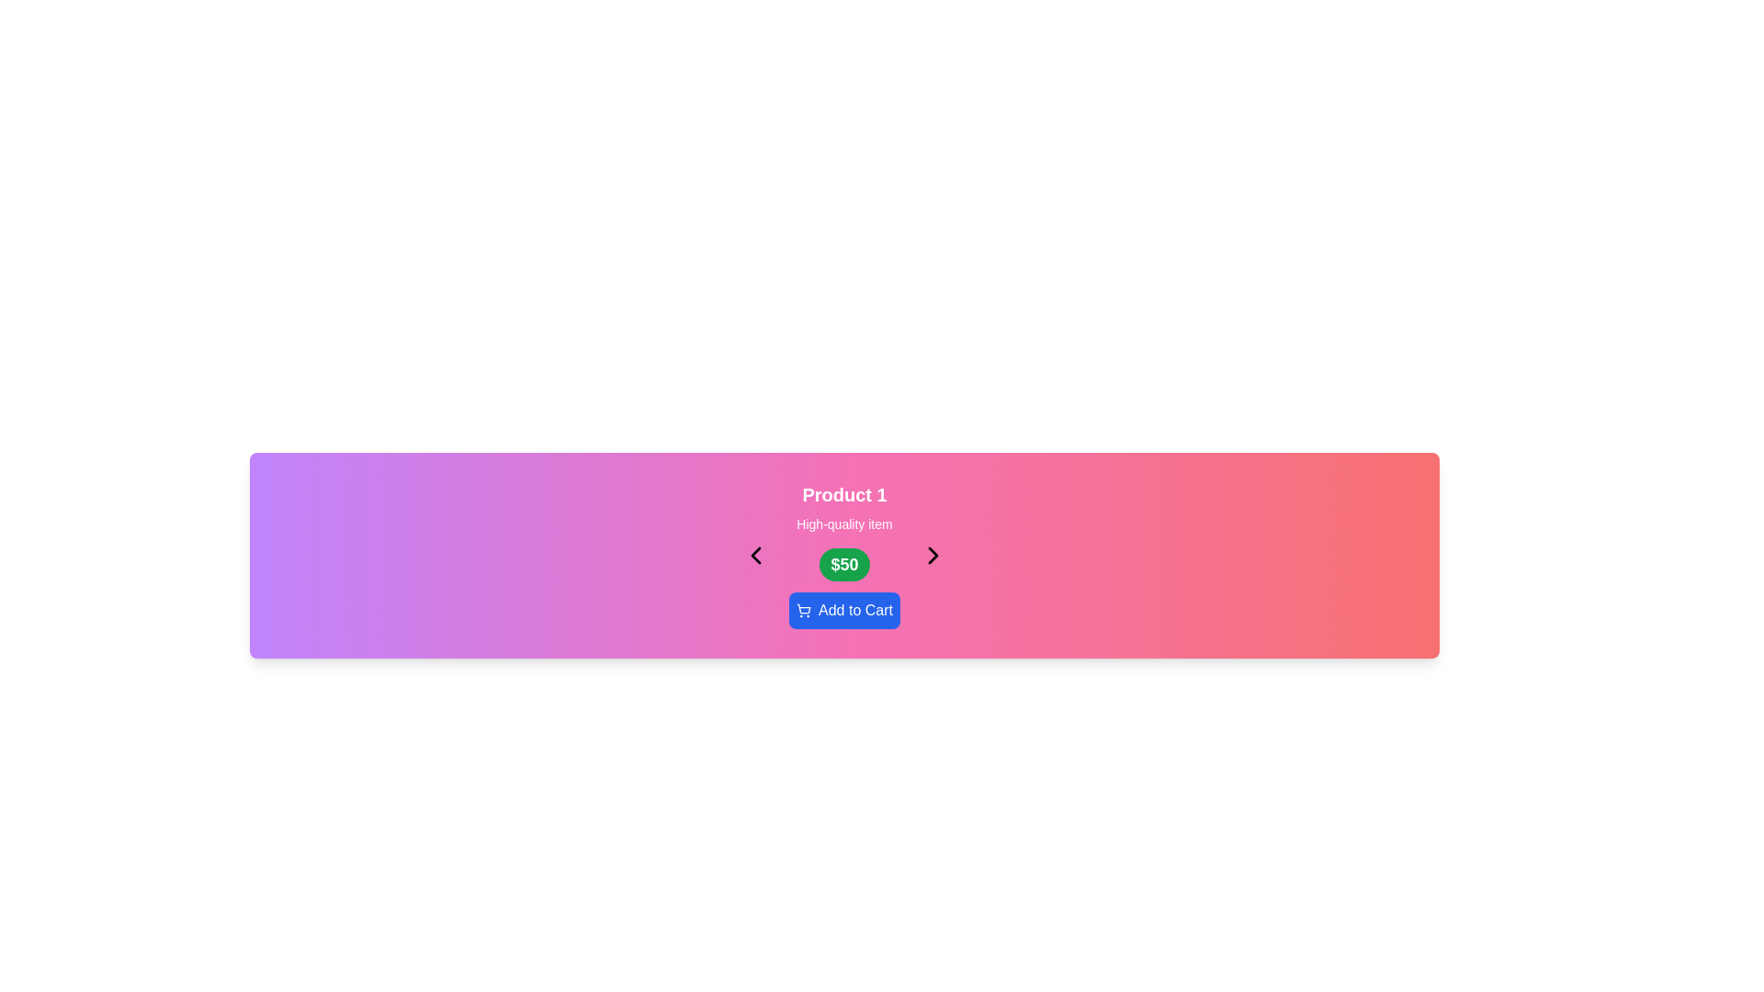 Image resolution: width=1764 pixels, height=992 pixels. Describe the element at coordinates (933, 555) in the screenshot. I see `the right-facing chevron icon button, which is styled as a thin black arrow centered within a square area and part of a navigation mechanism, before the green '$50' price label` at that location.